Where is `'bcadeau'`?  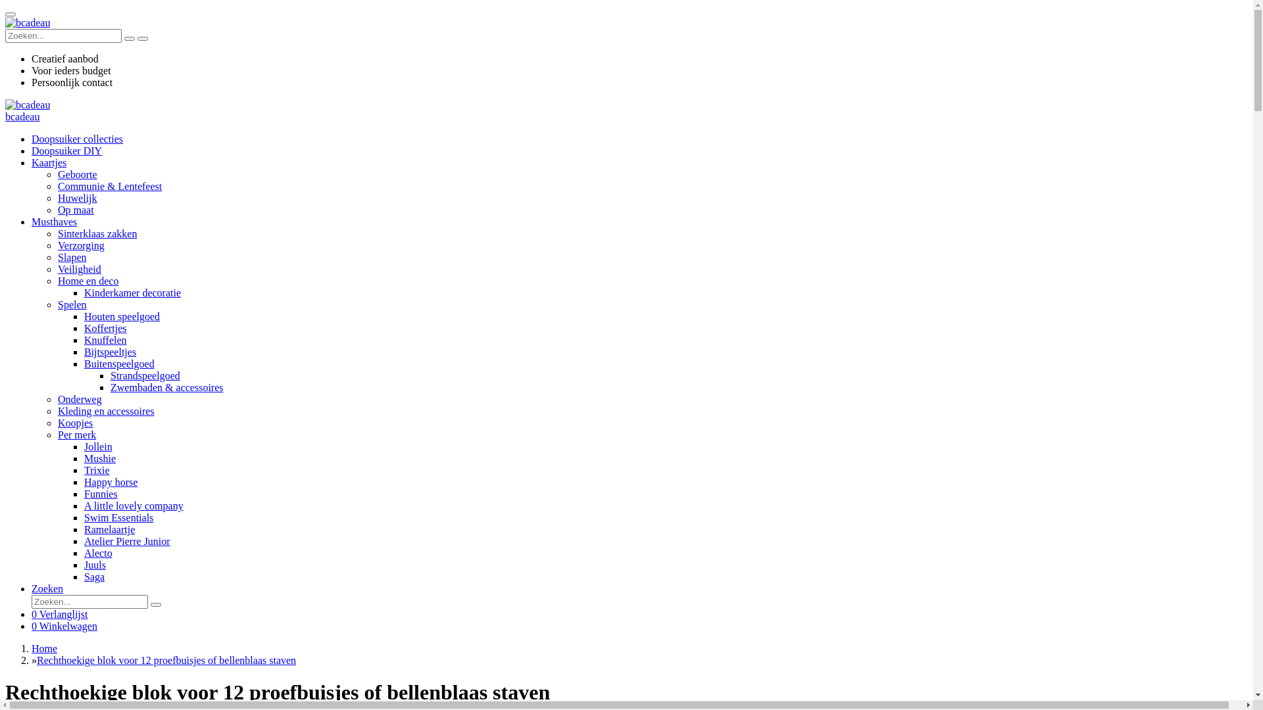 'bcadeau' is located at coordinates (28, 104).